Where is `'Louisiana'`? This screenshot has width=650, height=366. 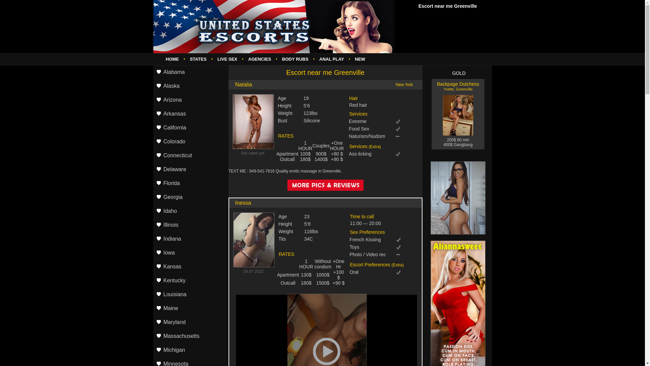
'Louisiana' is located at coordinates (190, 294).